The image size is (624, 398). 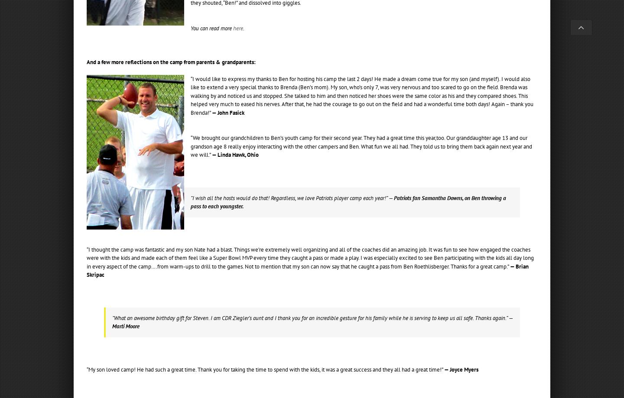 What do you see at coordinates (191, 95) in the screenshot?
I see `'“I would like to express my thanks to Ben for hosting his camp the last 2 days!  He made a dream come true for my son (and myself).  I would also like to extend a very special thanks to Brenda (Ben’s mom).  My son, who’s only 7, was very nervous and too scared to go on the field.  Brenda was walking by and noticed us and stopped.  She talked to him and then noticed her shoes were the same color as his and they compared shoes.  This helped very much to eased his nerves.  After that, he had the courage to go out on the field and had a wonderful time both days!  Again – thank you Brenda!”'` at bounding box center [191, 95].